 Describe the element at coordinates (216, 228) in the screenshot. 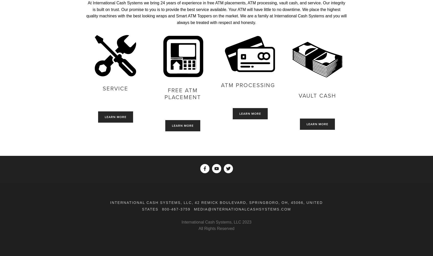

I see `'All Rights Reserved'` at that location.